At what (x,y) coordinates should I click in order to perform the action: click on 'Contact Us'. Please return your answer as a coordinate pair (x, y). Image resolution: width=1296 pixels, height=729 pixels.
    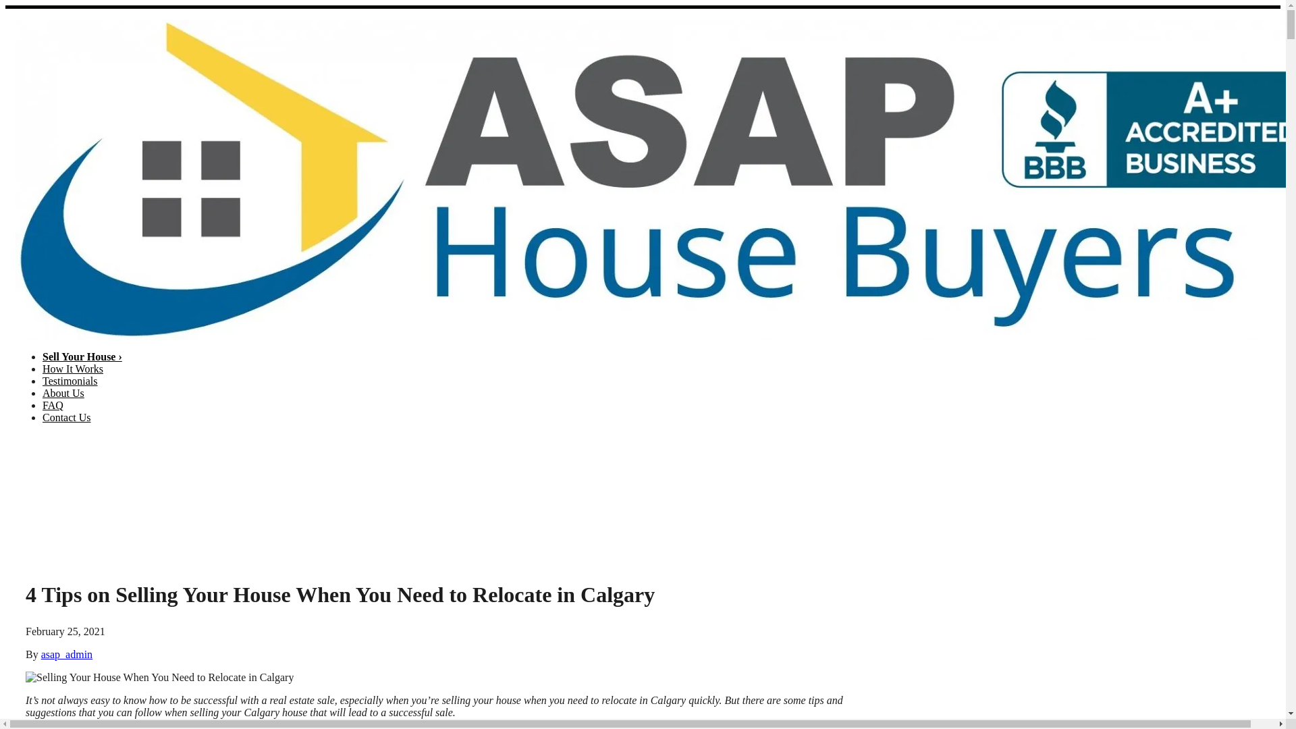
    Looking at the image, I should click on (66, 416).